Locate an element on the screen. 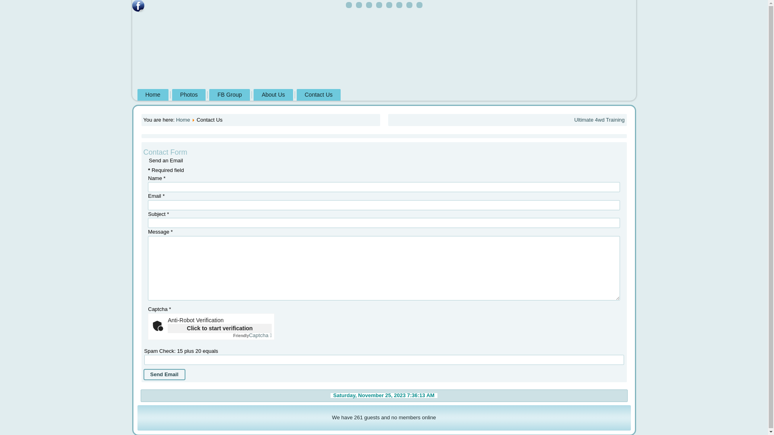 The width and height of the screenshot is (774, 435). 'Send Email' is located at coordinates (164, 374).